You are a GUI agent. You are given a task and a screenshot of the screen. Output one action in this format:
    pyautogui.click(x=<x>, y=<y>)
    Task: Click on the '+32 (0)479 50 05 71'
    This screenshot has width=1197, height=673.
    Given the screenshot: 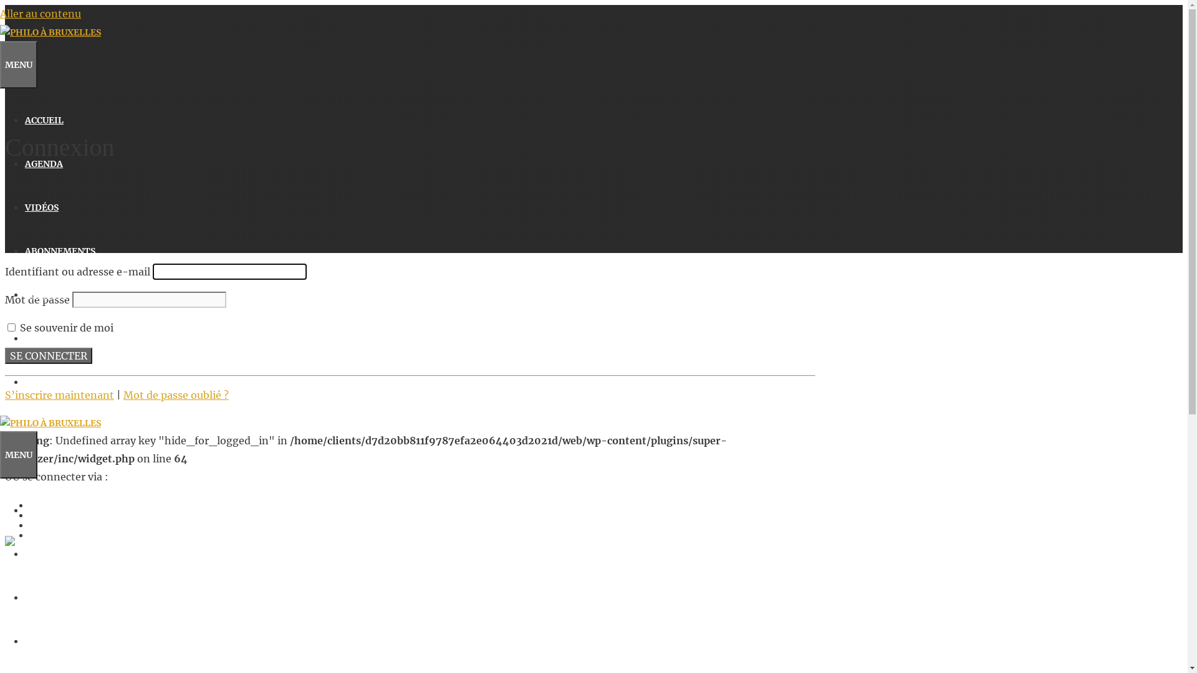 What is the action you would take?
    pyautogui.click(x=46, y=605)
    